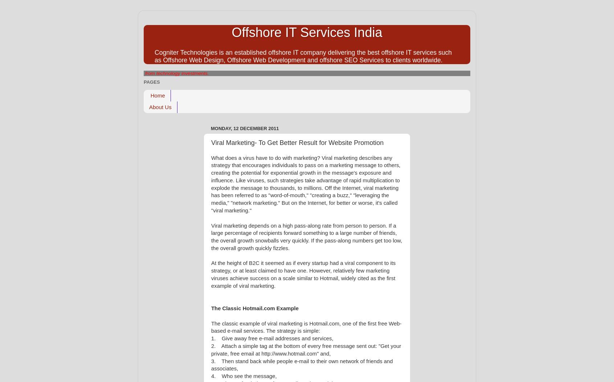 The width and height of the screenshot is (614, 382). What do you see at coordinates (306, 350) in the screenshot?
I see `'2.    Attach a simple tag at the bottom of every free message sent out: "Get your private, free email at http://www.hotmail.com" and,'` at bounding box center [306, 350].